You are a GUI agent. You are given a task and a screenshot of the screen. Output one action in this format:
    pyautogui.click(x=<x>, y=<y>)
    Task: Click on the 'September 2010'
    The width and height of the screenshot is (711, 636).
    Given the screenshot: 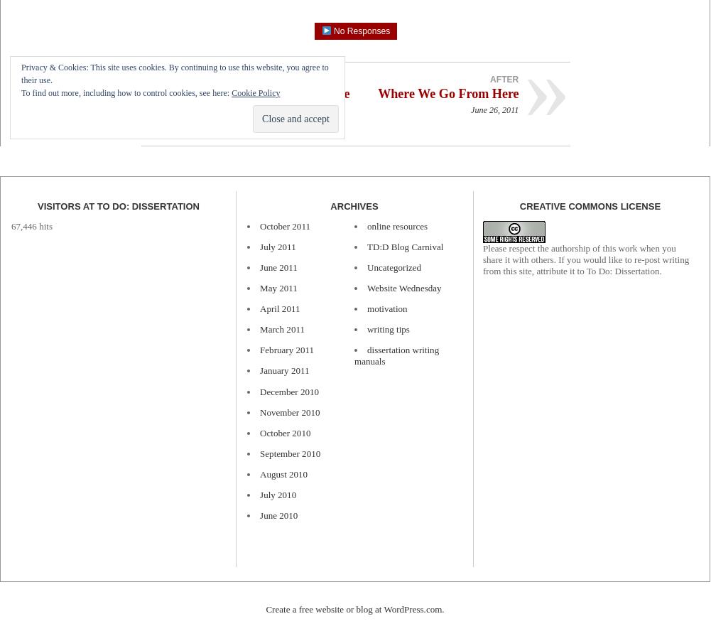 What is the action you would take?
    pyautogui.click(x=289, y=452)
    